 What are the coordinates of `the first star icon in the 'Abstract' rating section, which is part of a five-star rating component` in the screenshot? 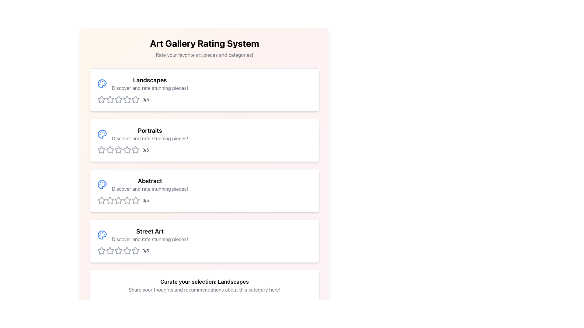 It's located at (102, 200).